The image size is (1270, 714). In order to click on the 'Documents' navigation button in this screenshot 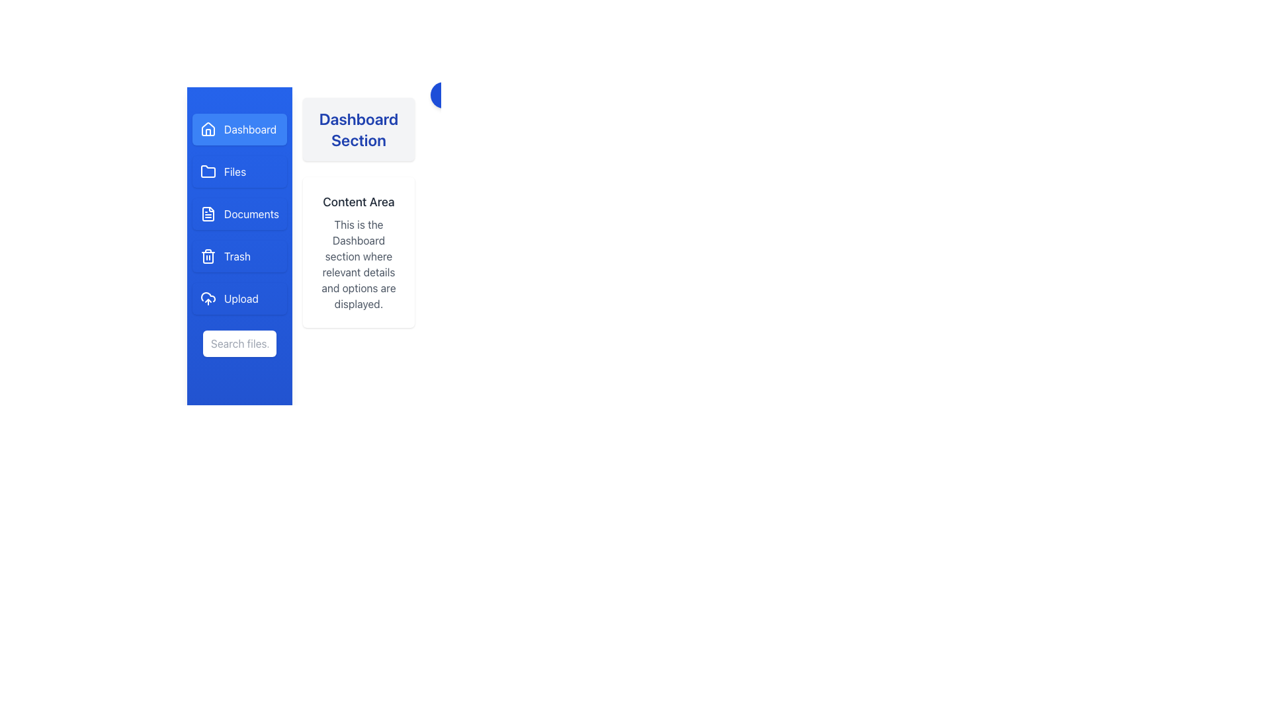, I will do `click(251, 214)`.